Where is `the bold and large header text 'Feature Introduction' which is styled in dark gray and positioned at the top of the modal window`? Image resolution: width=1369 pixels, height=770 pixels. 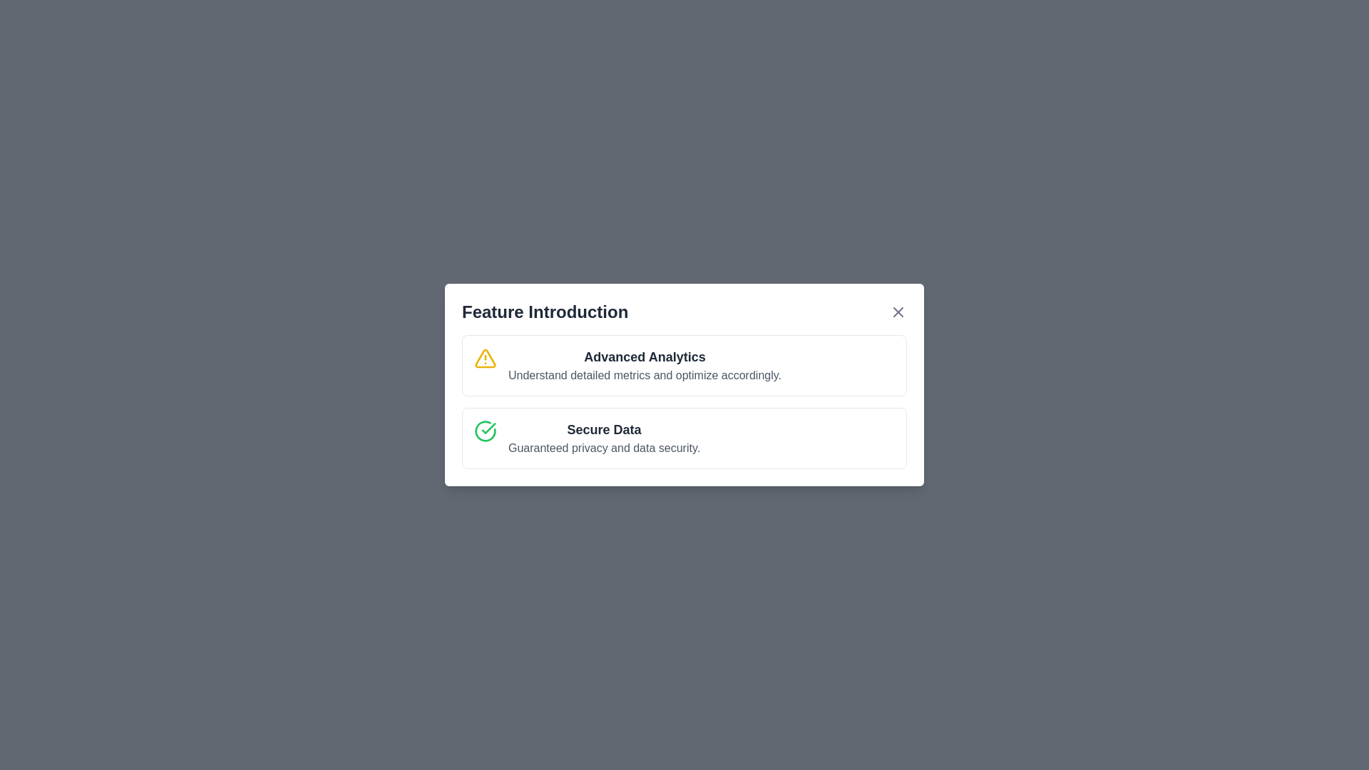
the bold and large header text 'Feature Introduction' which is styled in dark gray and positioned at the top of the modal window is located at coordinates (544, 312).